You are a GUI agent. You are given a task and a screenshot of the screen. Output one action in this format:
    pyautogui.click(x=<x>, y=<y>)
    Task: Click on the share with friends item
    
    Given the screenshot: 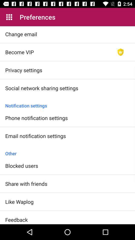 What is the action you would take?
    pyautogui.click(x=26, y=183)
    